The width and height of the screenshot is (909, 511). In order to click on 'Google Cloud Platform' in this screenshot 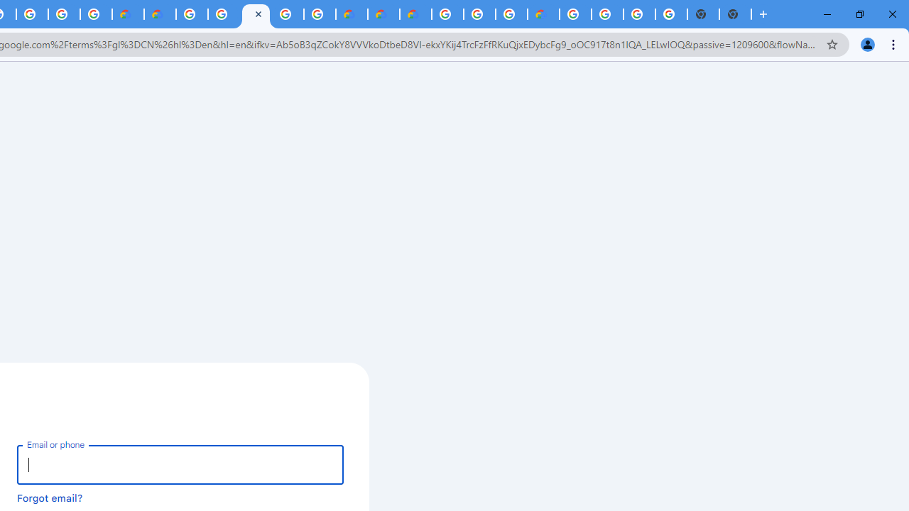, I will do `click(575, 14)`.